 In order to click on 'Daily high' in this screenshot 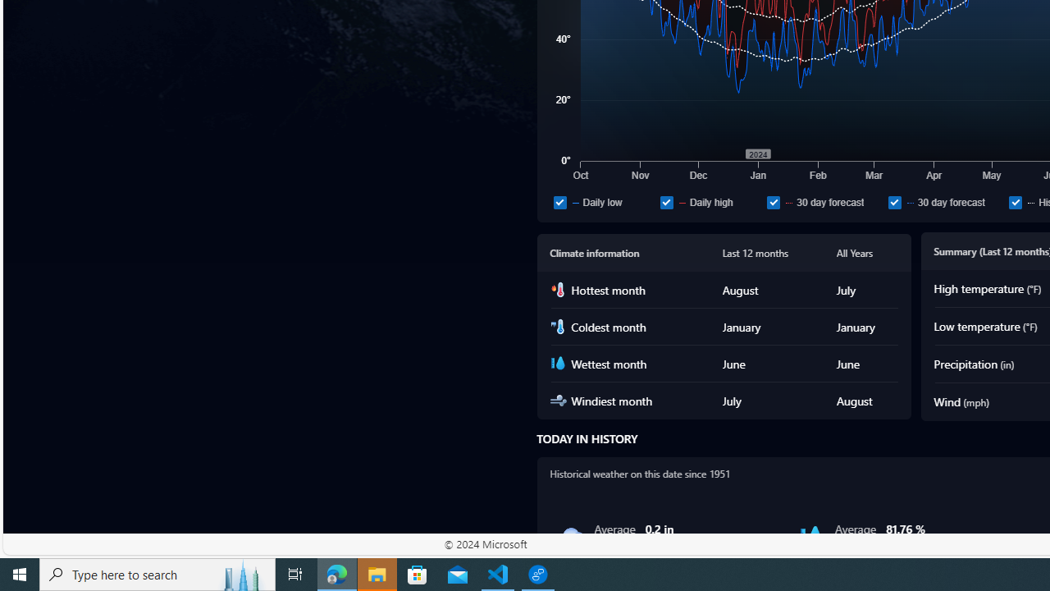, I will do `click(666, 201)`.